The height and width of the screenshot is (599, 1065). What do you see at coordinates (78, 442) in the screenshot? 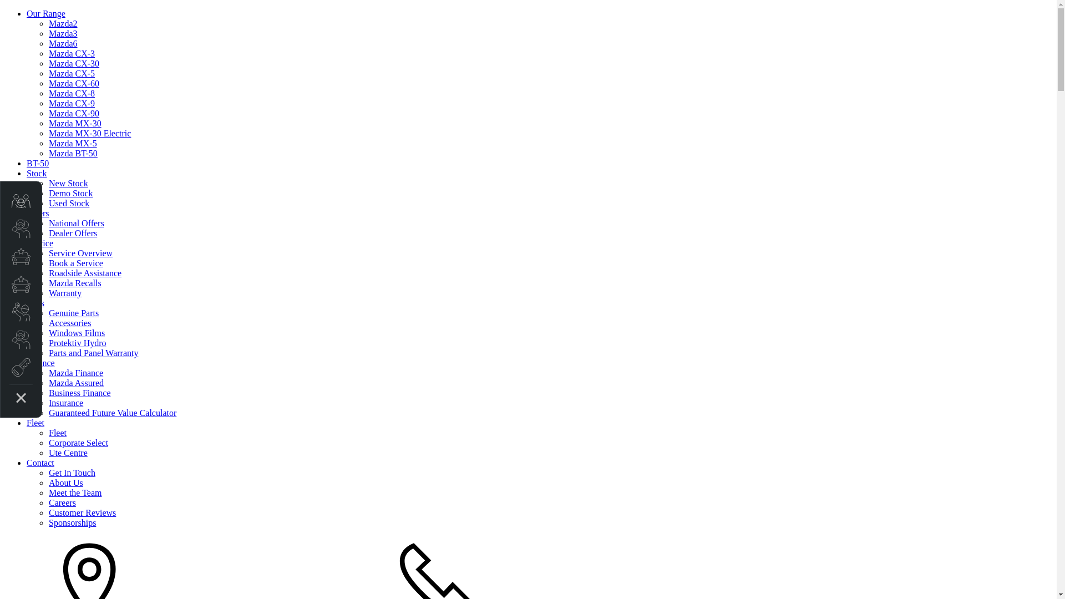
I see `'Corporate Select'` at bounding box center [78, 442].